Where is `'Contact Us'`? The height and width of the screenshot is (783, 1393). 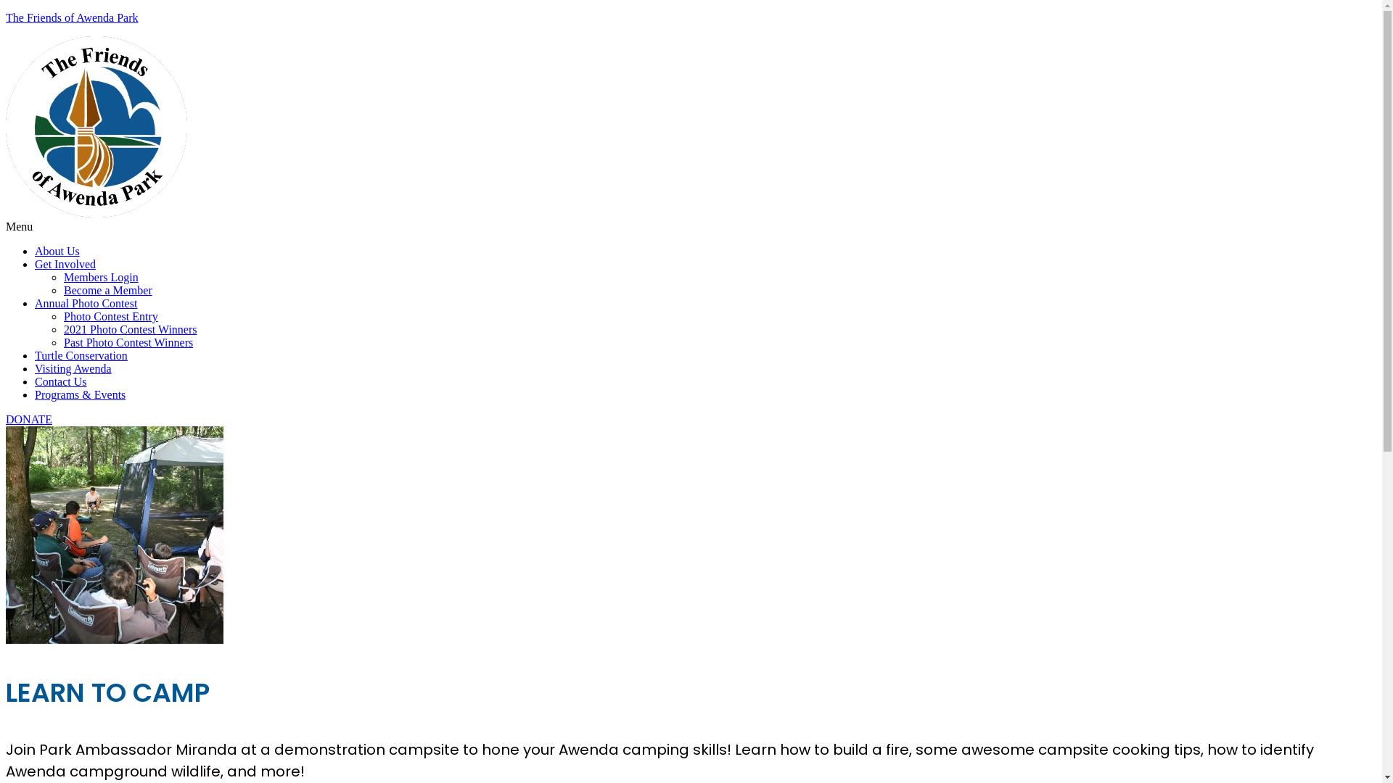
'Contact Us' is located at coordinates (59, 381).